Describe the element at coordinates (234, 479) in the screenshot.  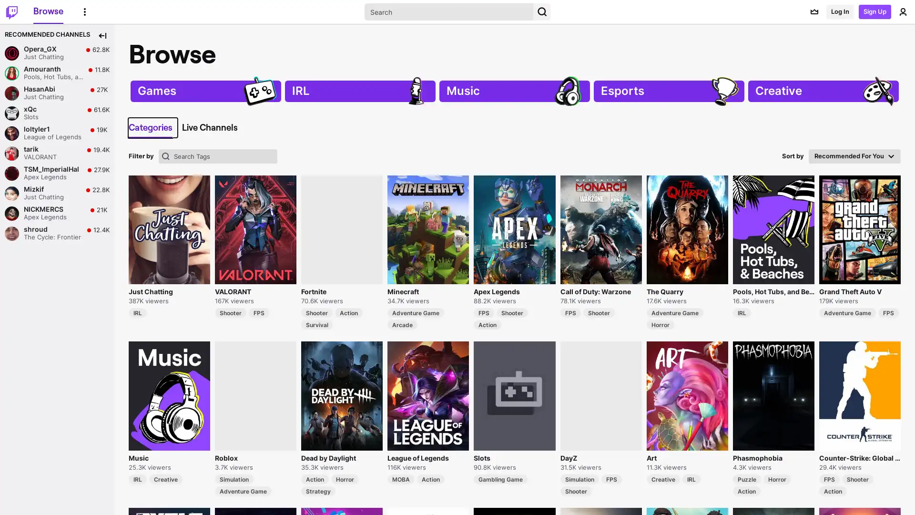
I see `Simulation` at that location.